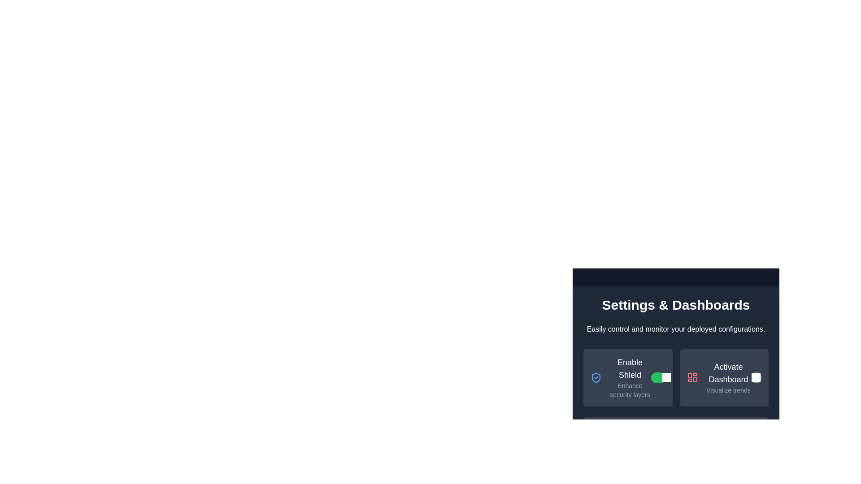 Image resolution: width=861 pixels, height=484 pixels. I want to click on the green toggle switch located to the right of 'Enable Shield', so click(658, 378).